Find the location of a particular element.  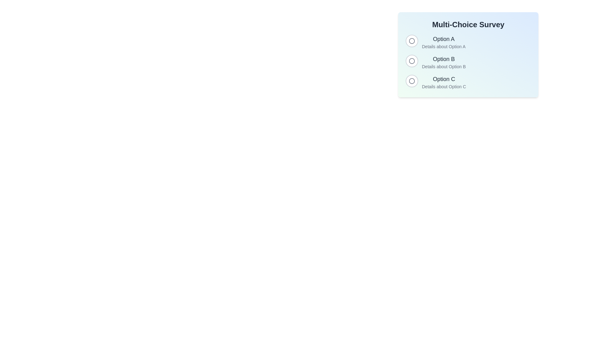

the options in the 'Multi-Choice Survey' section is located at coordinates (468, 54).